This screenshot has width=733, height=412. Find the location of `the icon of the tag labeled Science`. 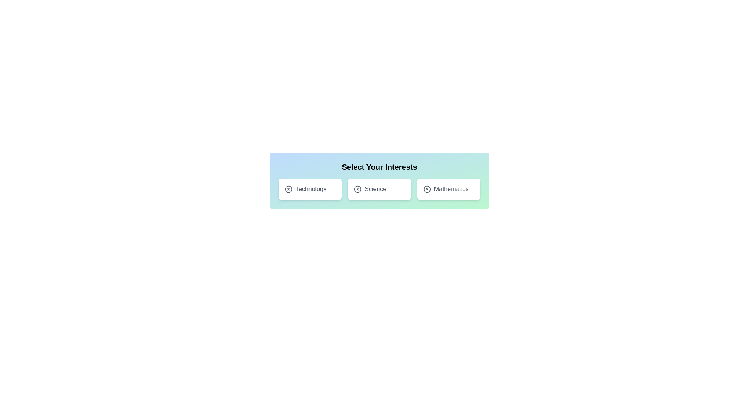

the icon of the tag labeled Science is located at coordinates (357, 189).